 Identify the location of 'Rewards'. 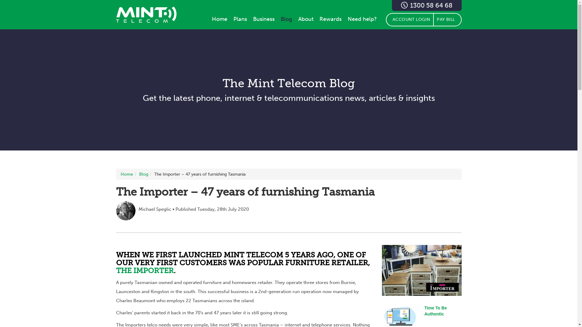
(330, 18).